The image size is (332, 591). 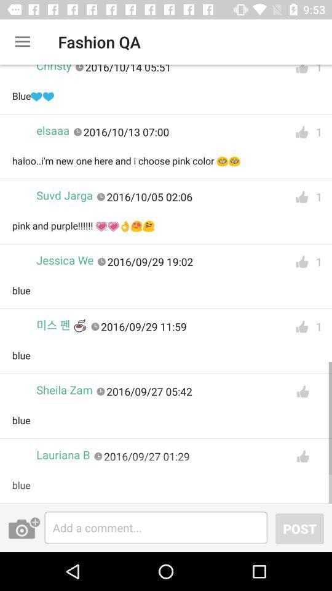 What do you see at coordinates (24, 527) in the screenshot?
I see `upload a photo` at bounding box center [24, 527].